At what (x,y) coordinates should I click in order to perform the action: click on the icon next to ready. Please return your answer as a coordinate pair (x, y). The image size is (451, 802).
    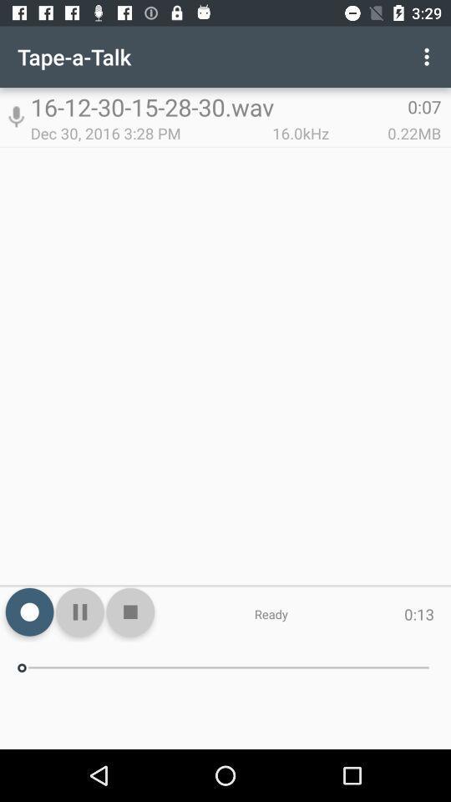
    Looking at the image, I should click on (129, 611).